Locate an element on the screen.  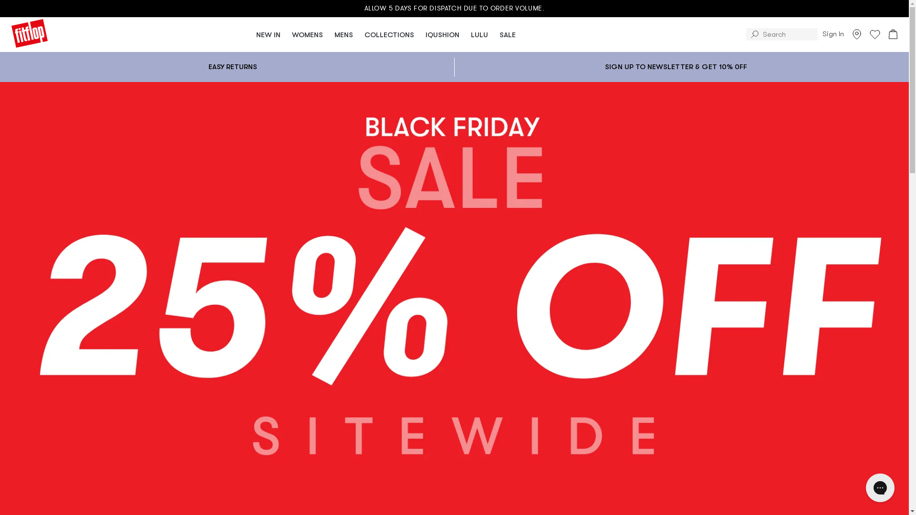
'Gorgias live chat messenger' is located at coordinates (879, 487).